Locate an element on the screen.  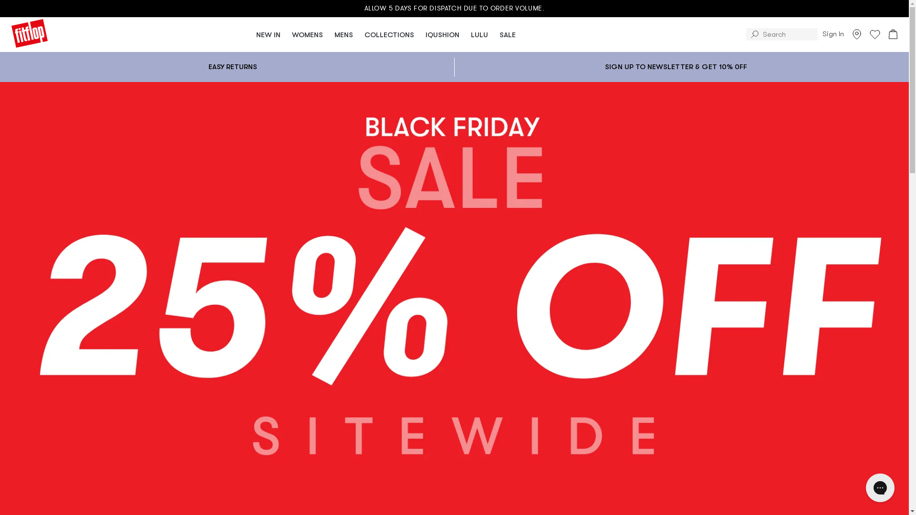
'Gorgias live chat messenger' is located at coordinates (879, 487).